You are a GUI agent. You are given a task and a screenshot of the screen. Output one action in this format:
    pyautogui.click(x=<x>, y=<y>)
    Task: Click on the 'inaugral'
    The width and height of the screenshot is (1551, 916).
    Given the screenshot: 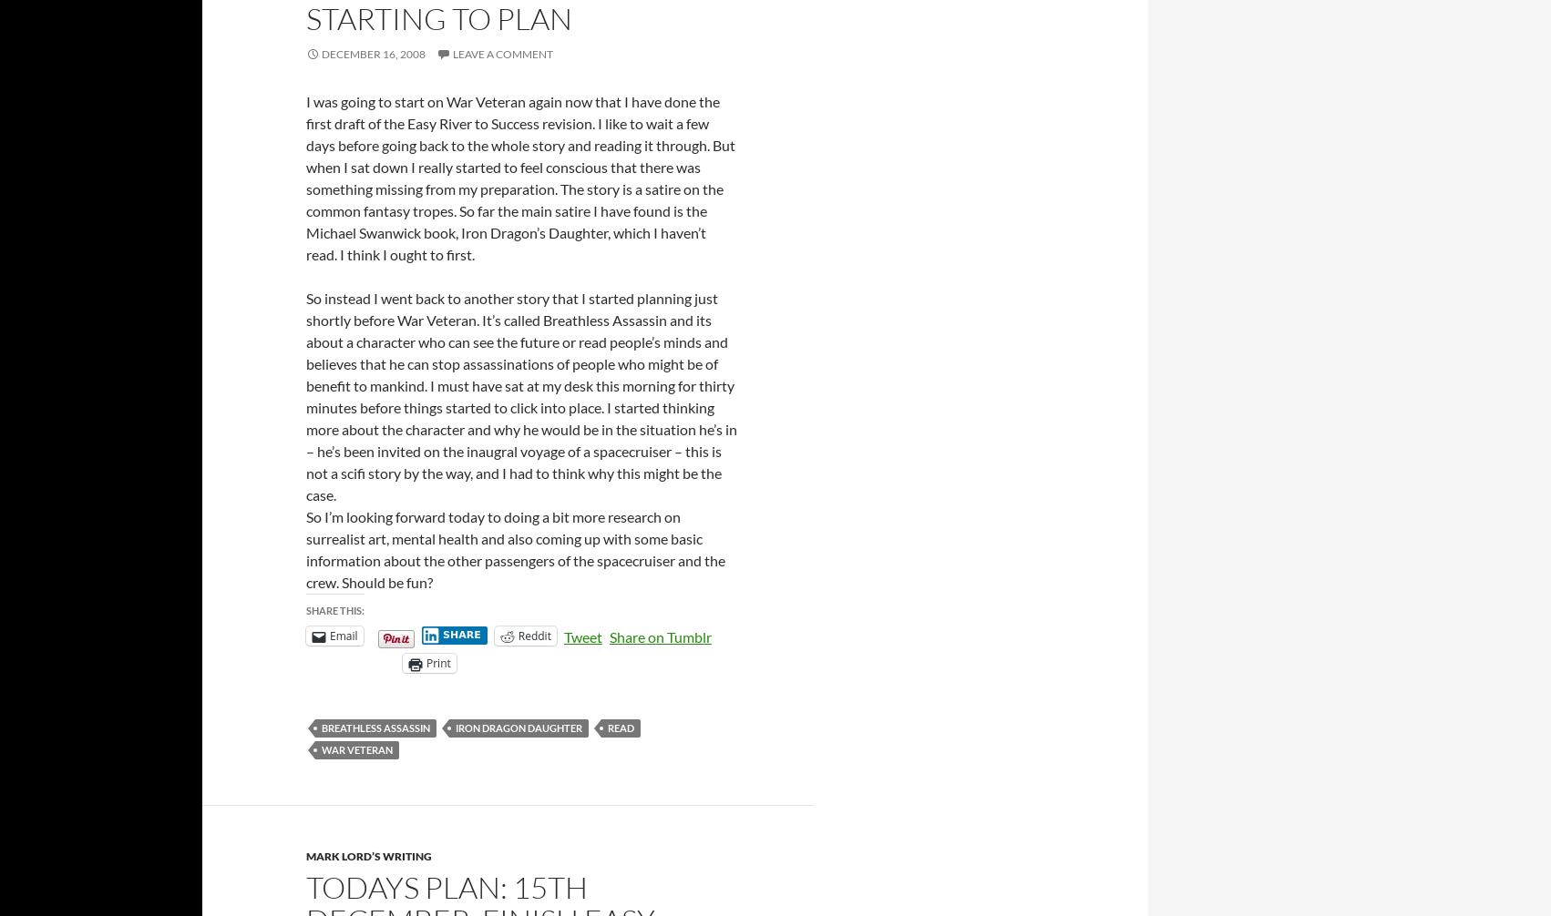 What is the action you would take?
    pyautogui.click(x=465, y=449)
    